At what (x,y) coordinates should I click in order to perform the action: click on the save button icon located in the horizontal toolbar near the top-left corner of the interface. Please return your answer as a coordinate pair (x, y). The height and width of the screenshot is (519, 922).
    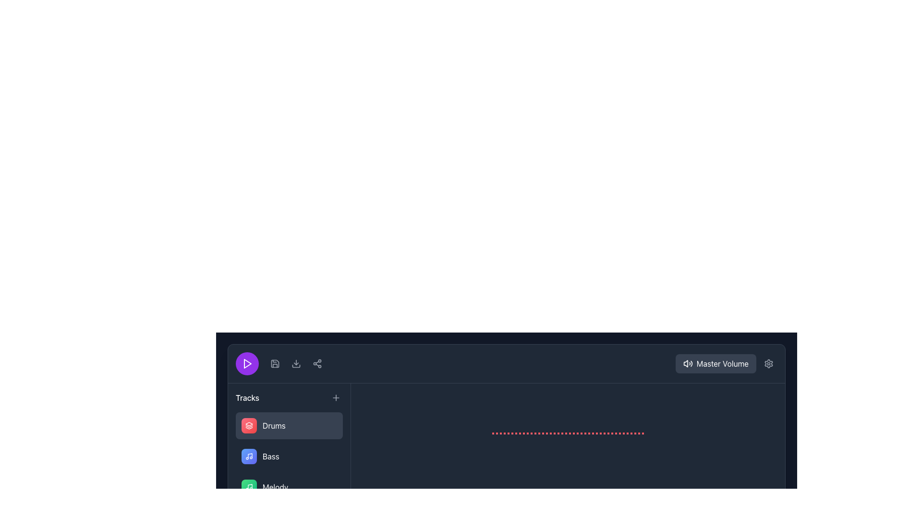
    Looking at the image, I should click on (274, 363).